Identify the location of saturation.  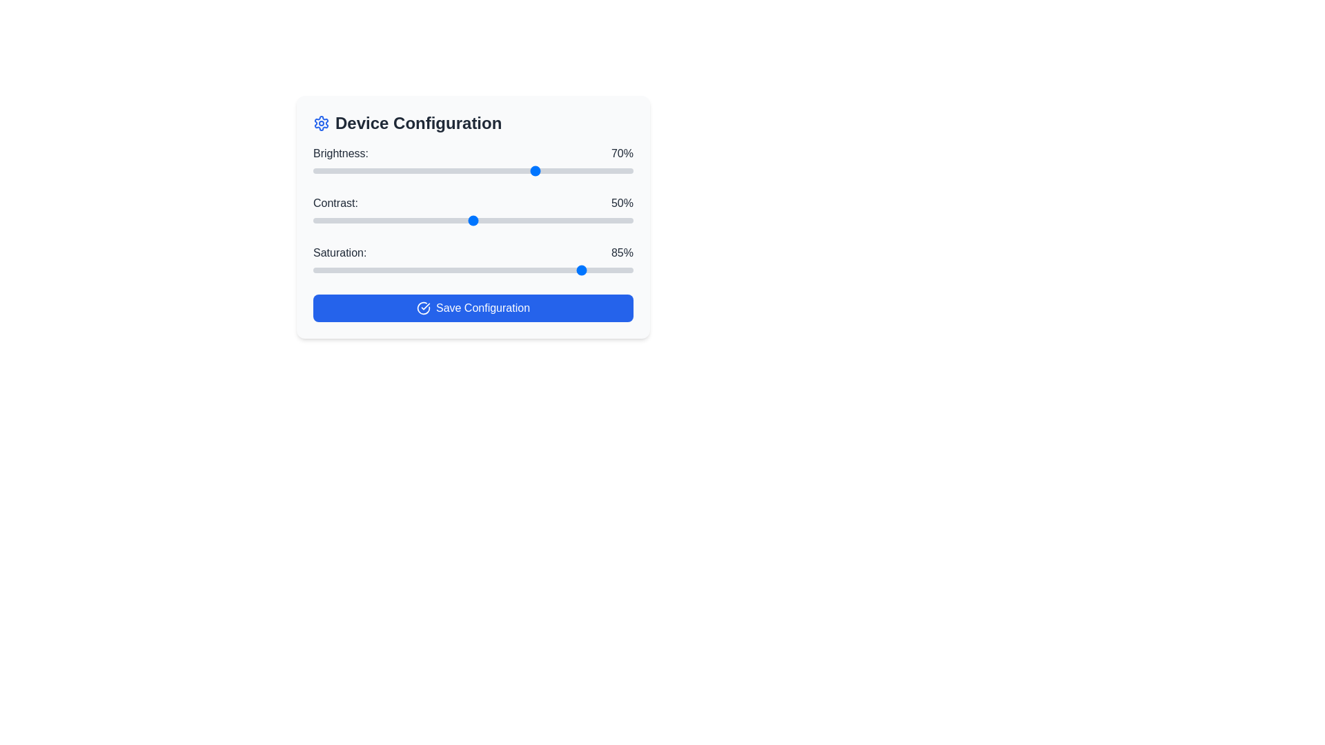
(384, 270).